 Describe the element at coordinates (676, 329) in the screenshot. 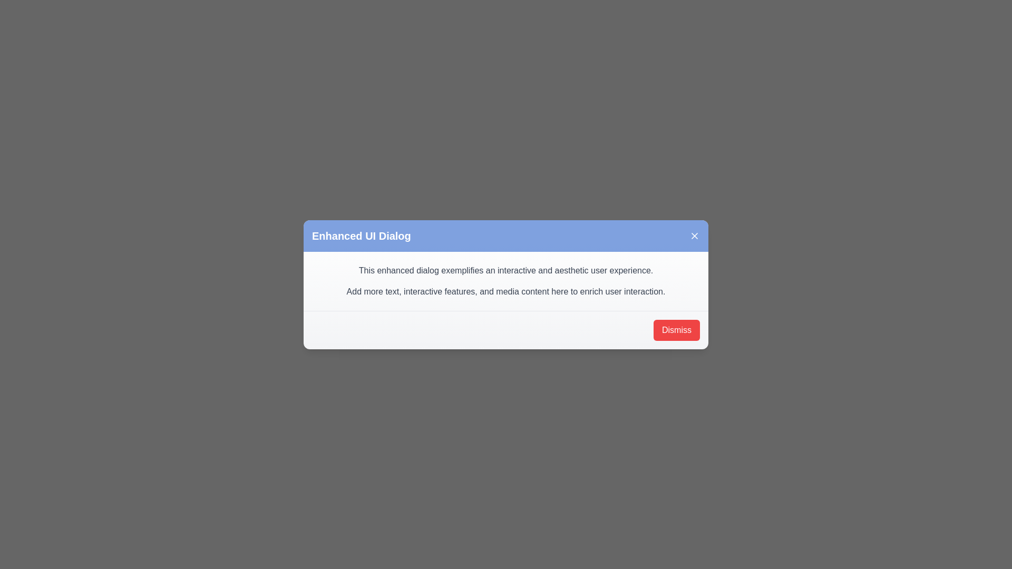

I see `the 'Dismiss' button to close the dialog` at that location.